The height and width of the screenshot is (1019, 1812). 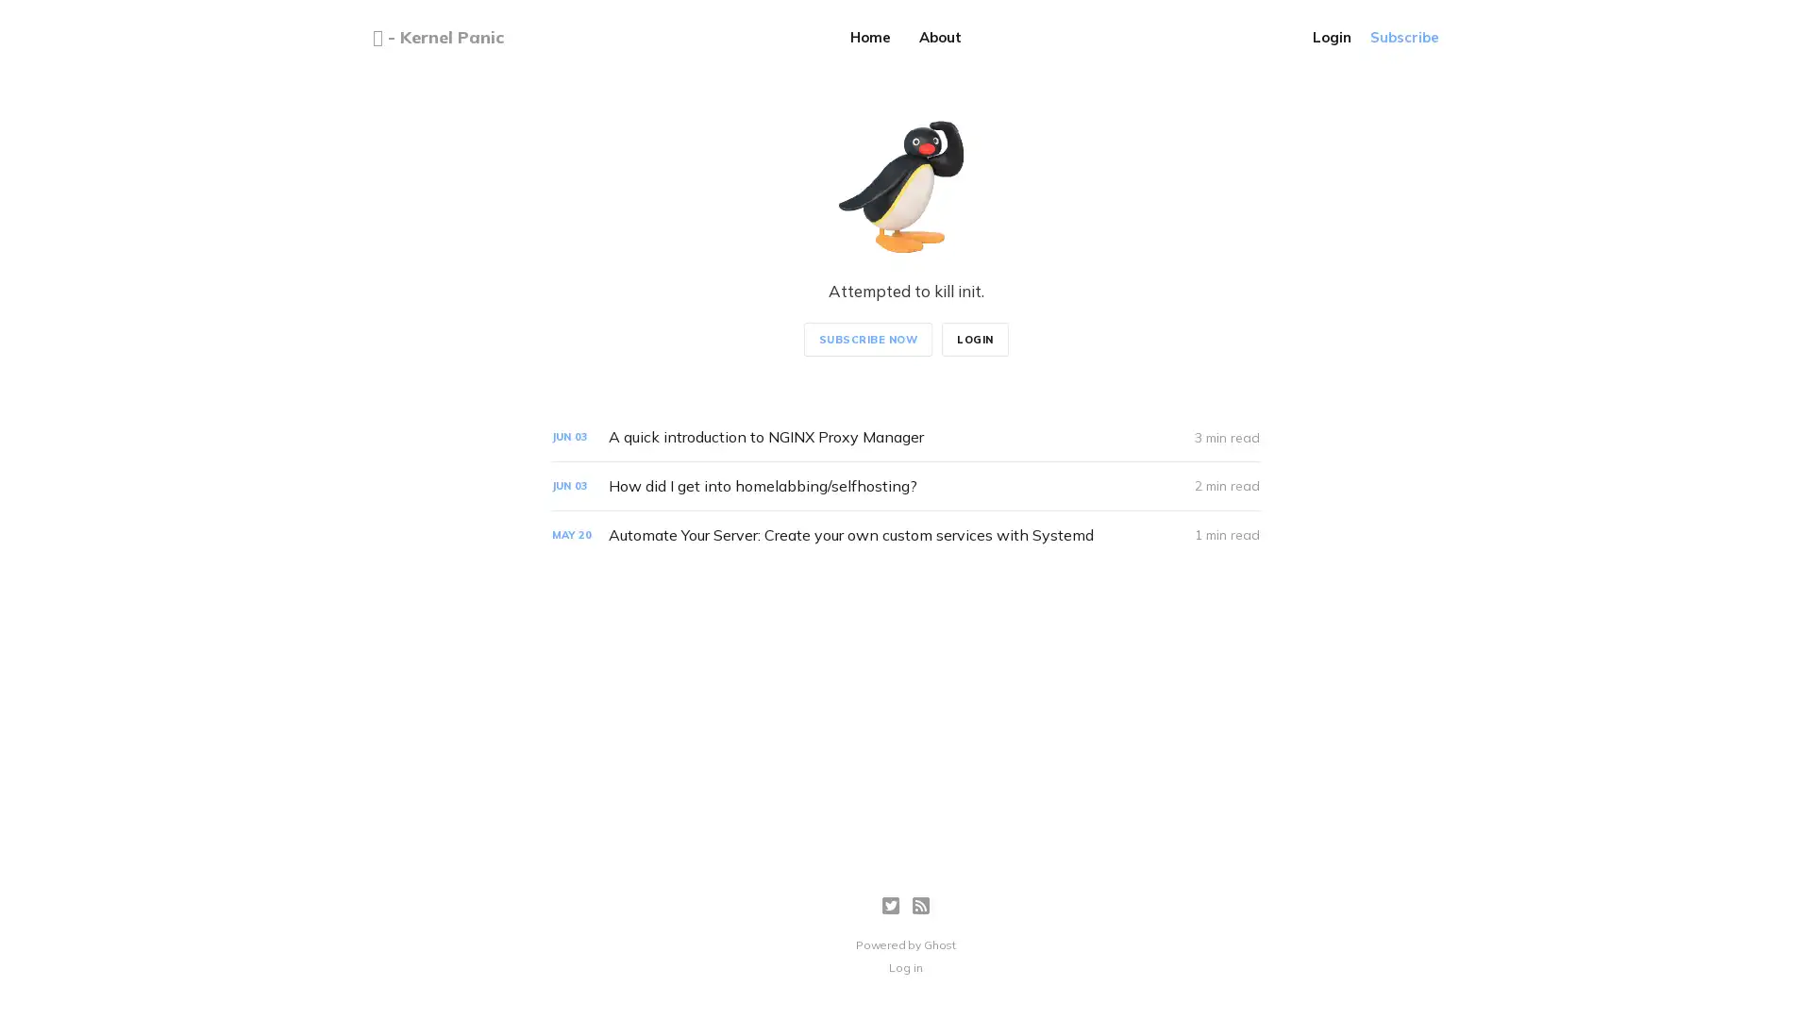 I want to click on LOGIN, so click(x=974, y=338).